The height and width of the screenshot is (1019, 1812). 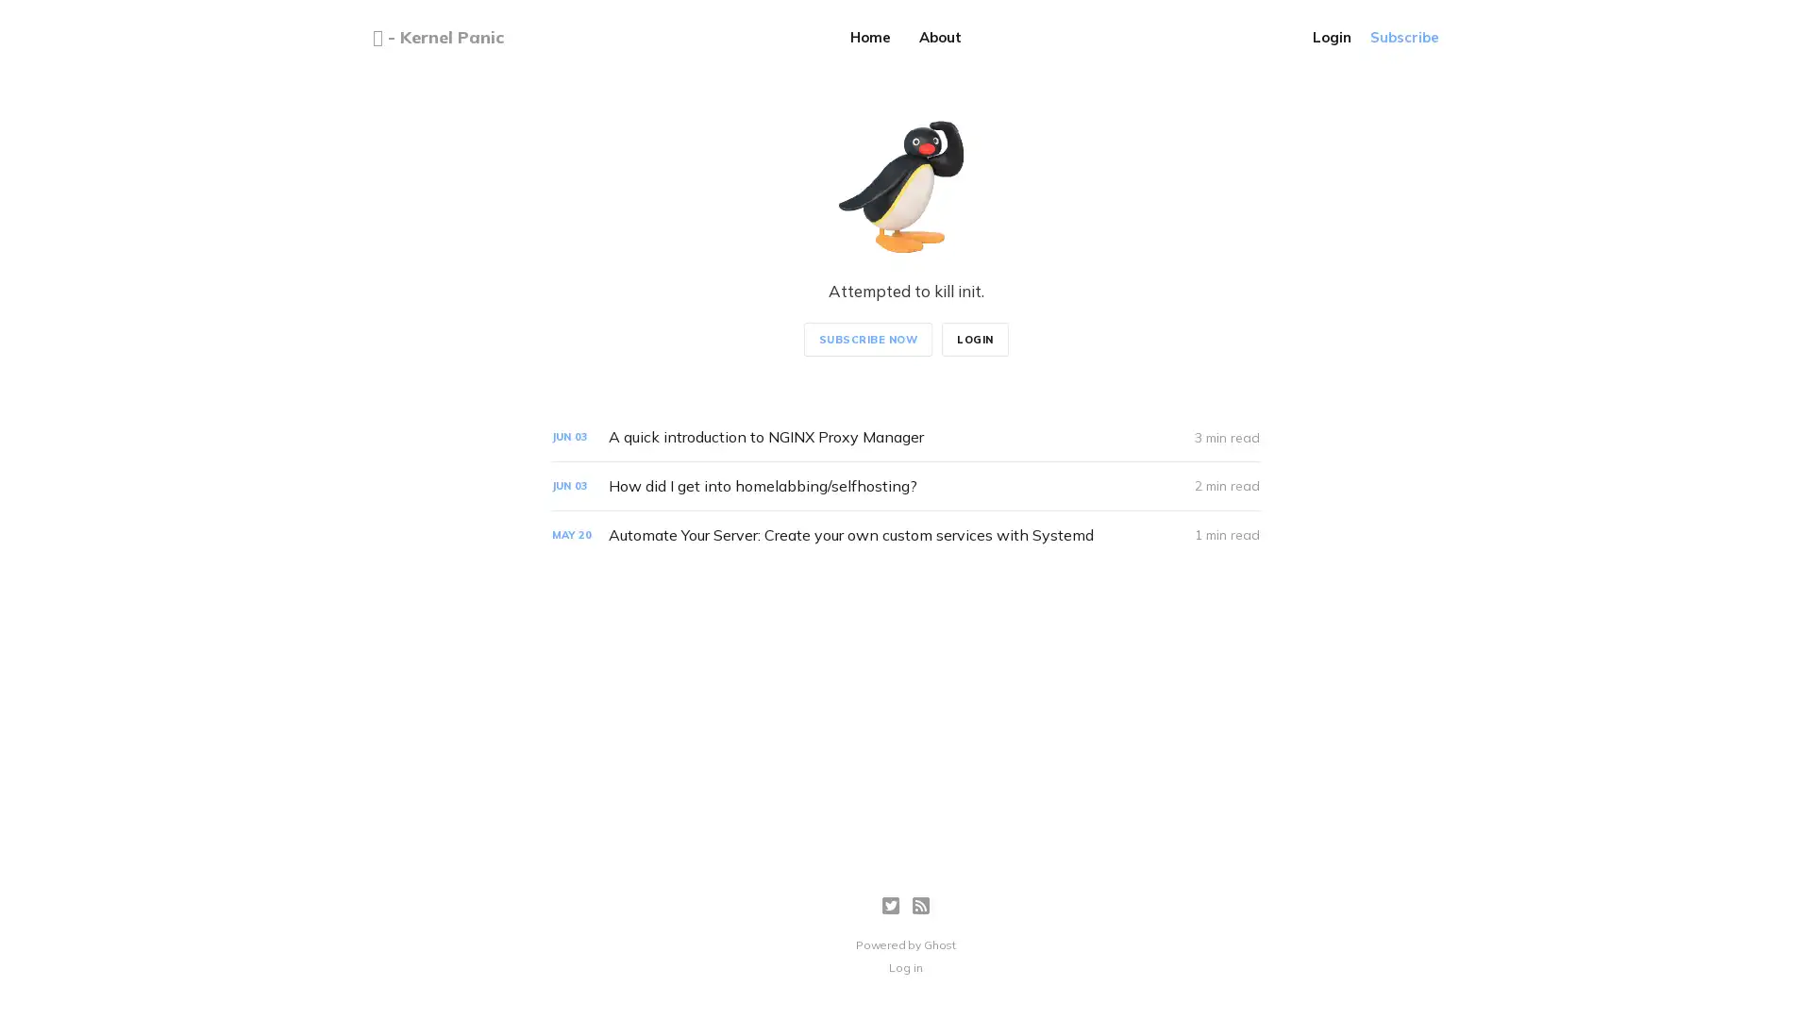 I want to click on LOGIN, so click(x=974, y=338).